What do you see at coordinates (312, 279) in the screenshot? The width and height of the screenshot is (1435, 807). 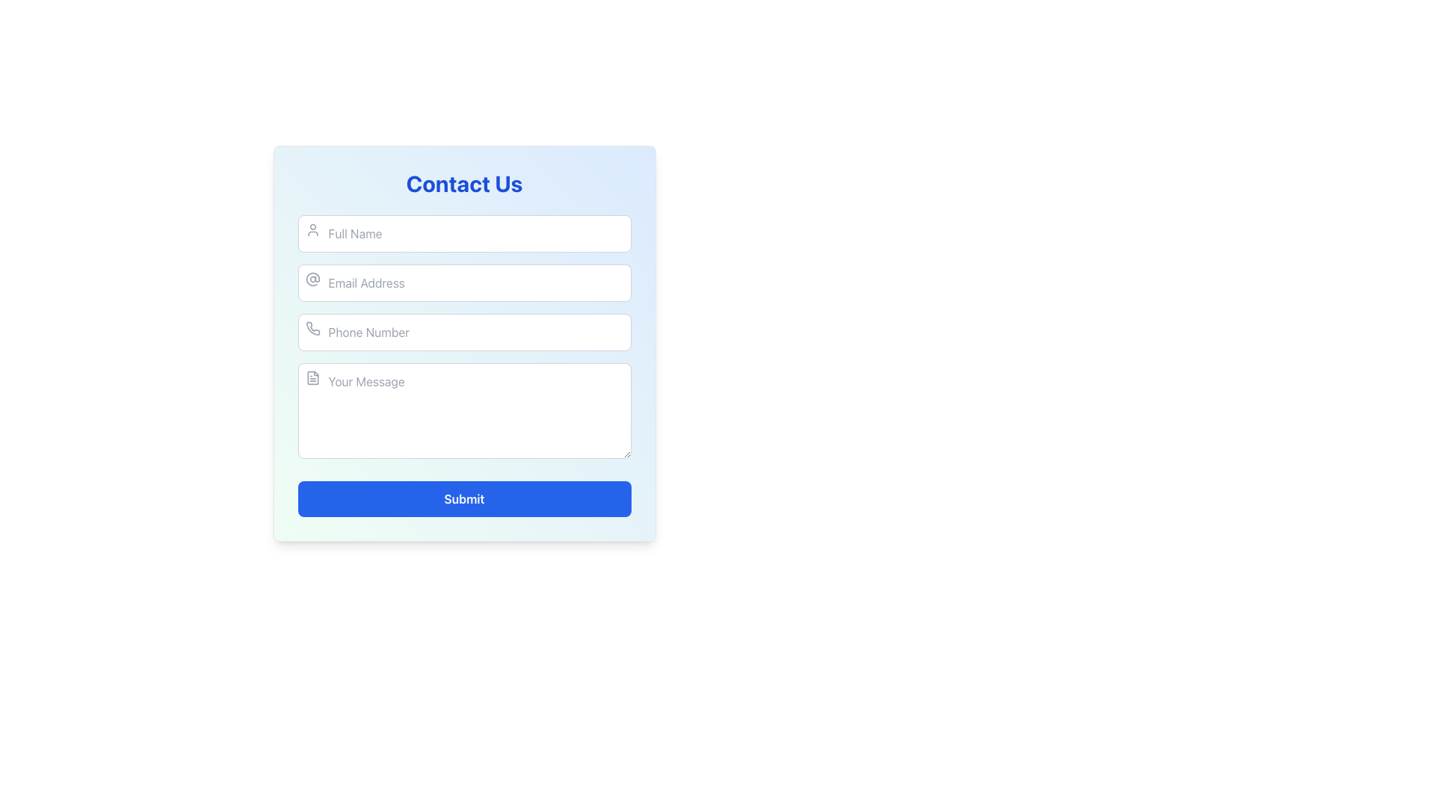 I see `the decorative email icon located to the left of the 'Email Address' input field, indicating its purpose to users` at bounding box center [312, 279].